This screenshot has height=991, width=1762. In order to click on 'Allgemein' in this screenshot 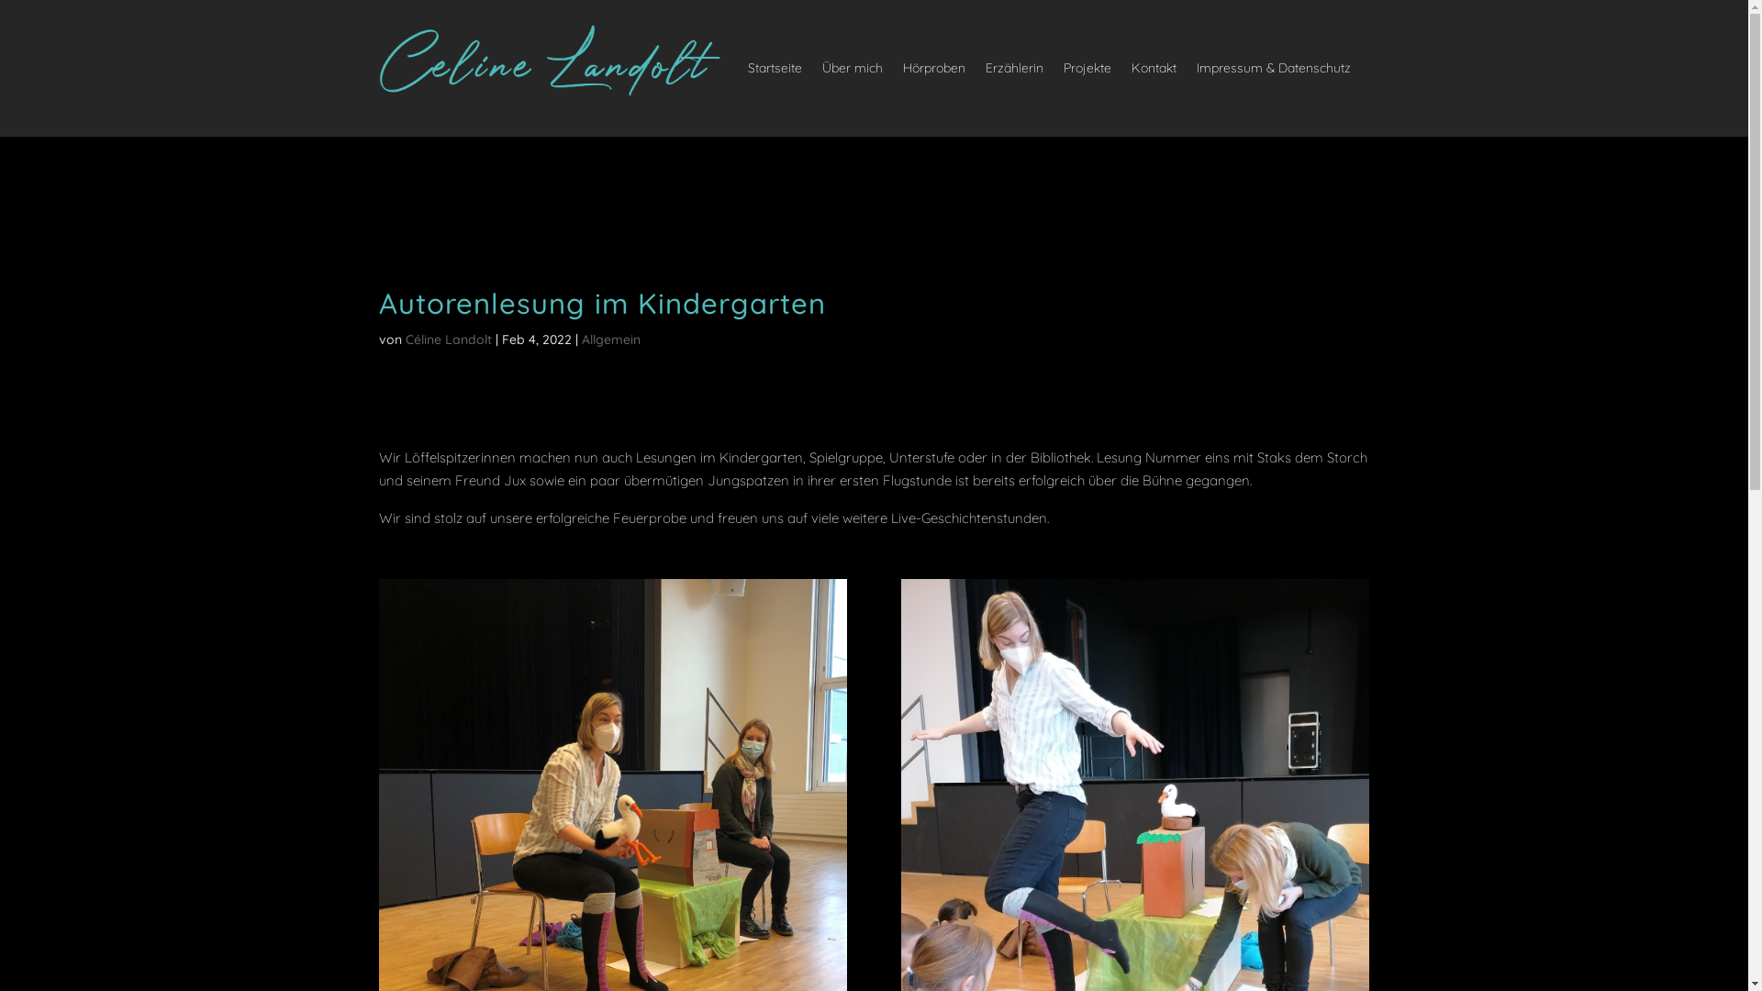, I will do `click(611, 340)`.